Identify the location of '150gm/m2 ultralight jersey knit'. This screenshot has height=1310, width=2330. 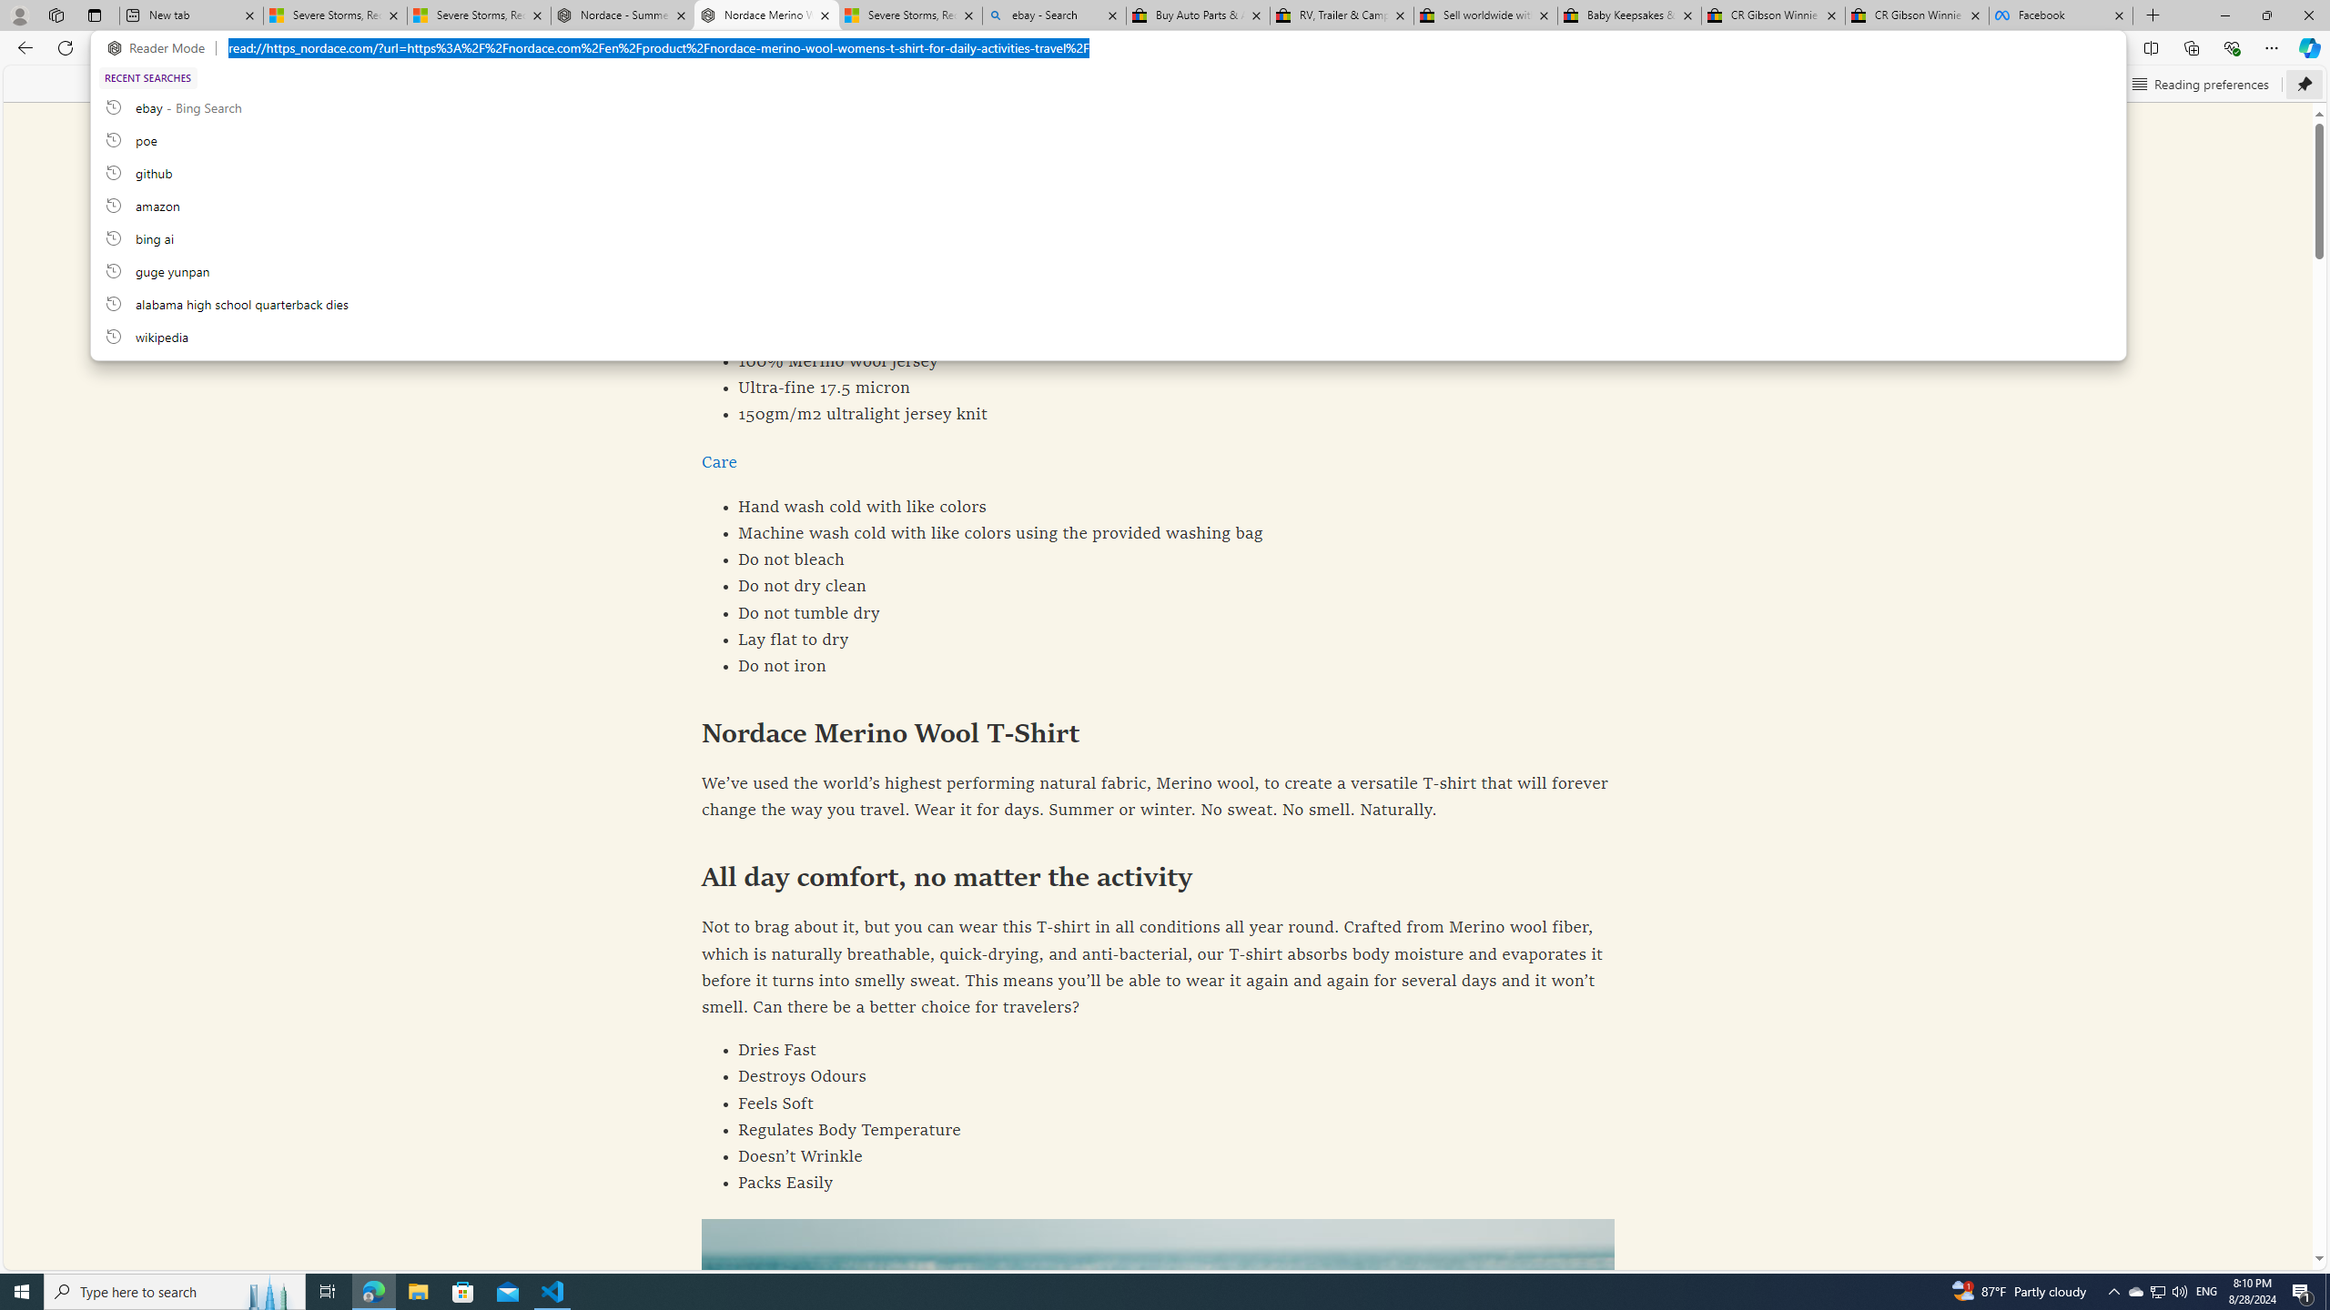
(1158, 414).